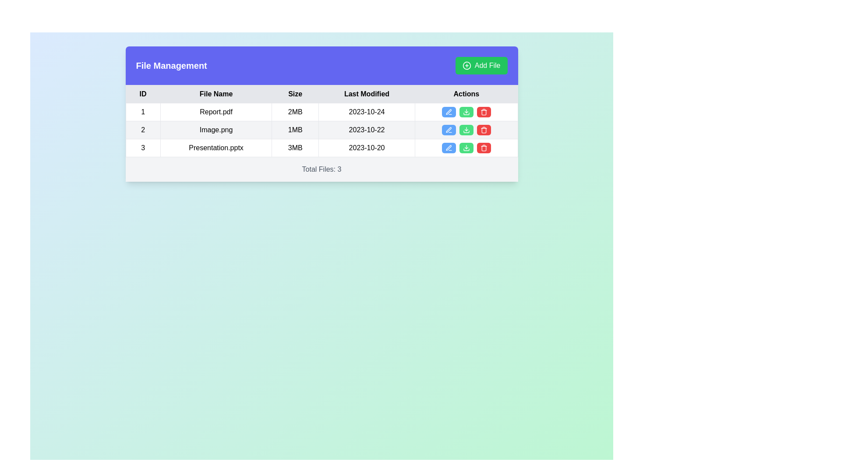 This screenshot has width=841, height=473. Describe the element at coordinates (449, 130) in the screenshot. I see `the edit button with a pen icon in the 'Actions' column of the second row in the table` at that location.